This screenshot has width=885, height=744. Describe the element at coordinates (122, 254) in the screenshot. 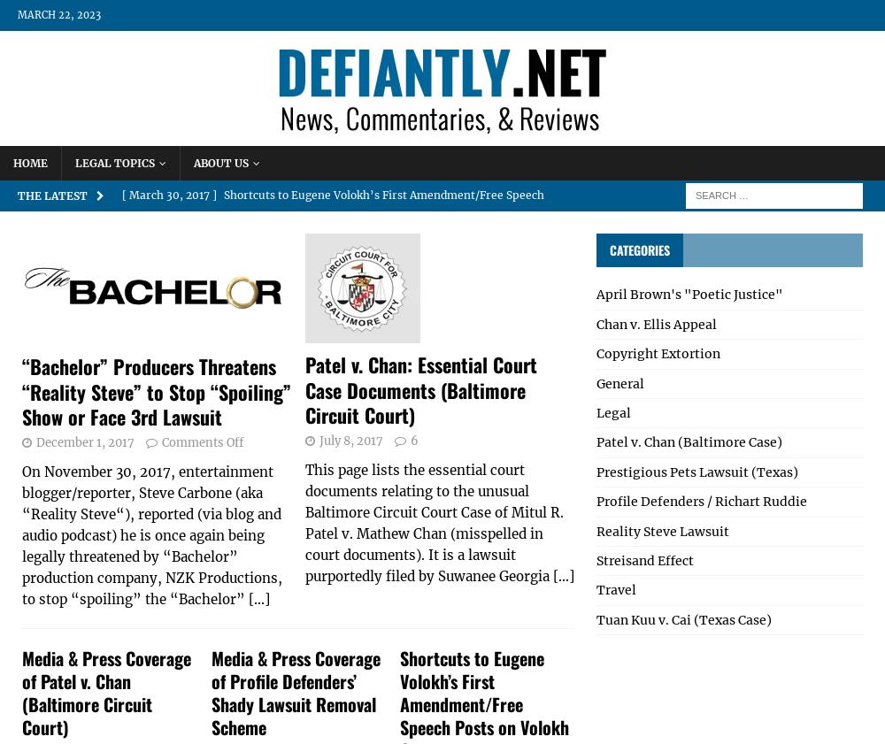

I see `'[ December 1, 2017 ]'` at that location.